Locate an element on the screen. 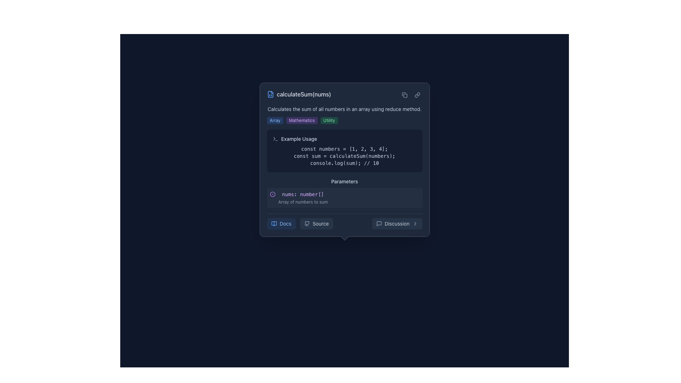  the 'Discussion' text label within the interactive button is located at coordinates (397, 224).